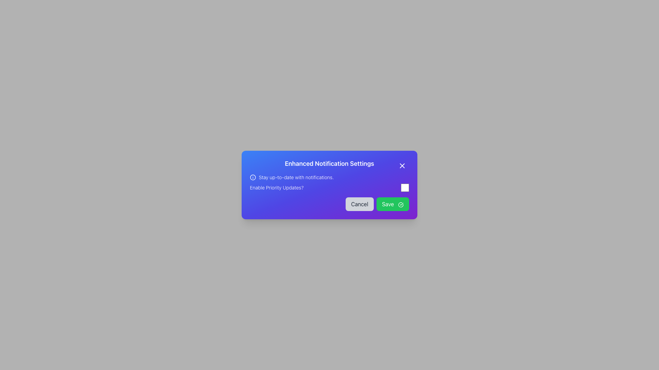 The image size is (659, 370). What do you see at coordinates (393, 204) in the screenshot?
I see `the second button in the modal dialog, located to the right of the 'Cancel' button` at bounding box center [393, 204].